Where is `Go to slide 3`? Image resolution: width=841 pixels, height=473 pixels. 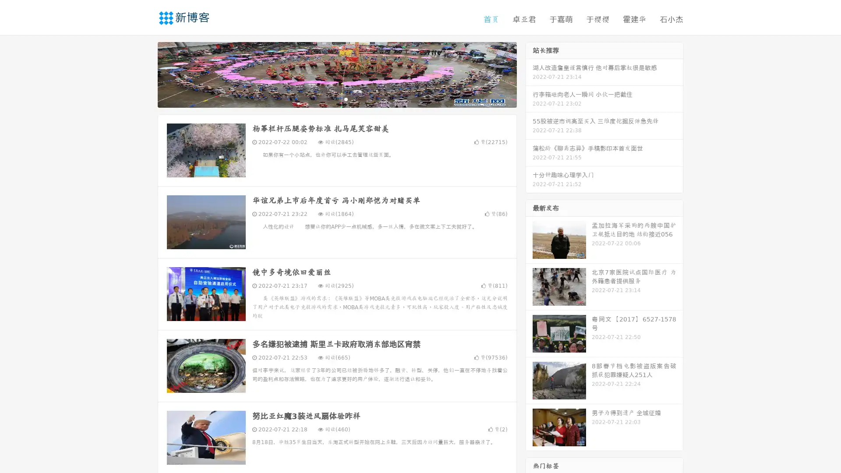
Go to slide 3 is located at coordinates (346, 99).